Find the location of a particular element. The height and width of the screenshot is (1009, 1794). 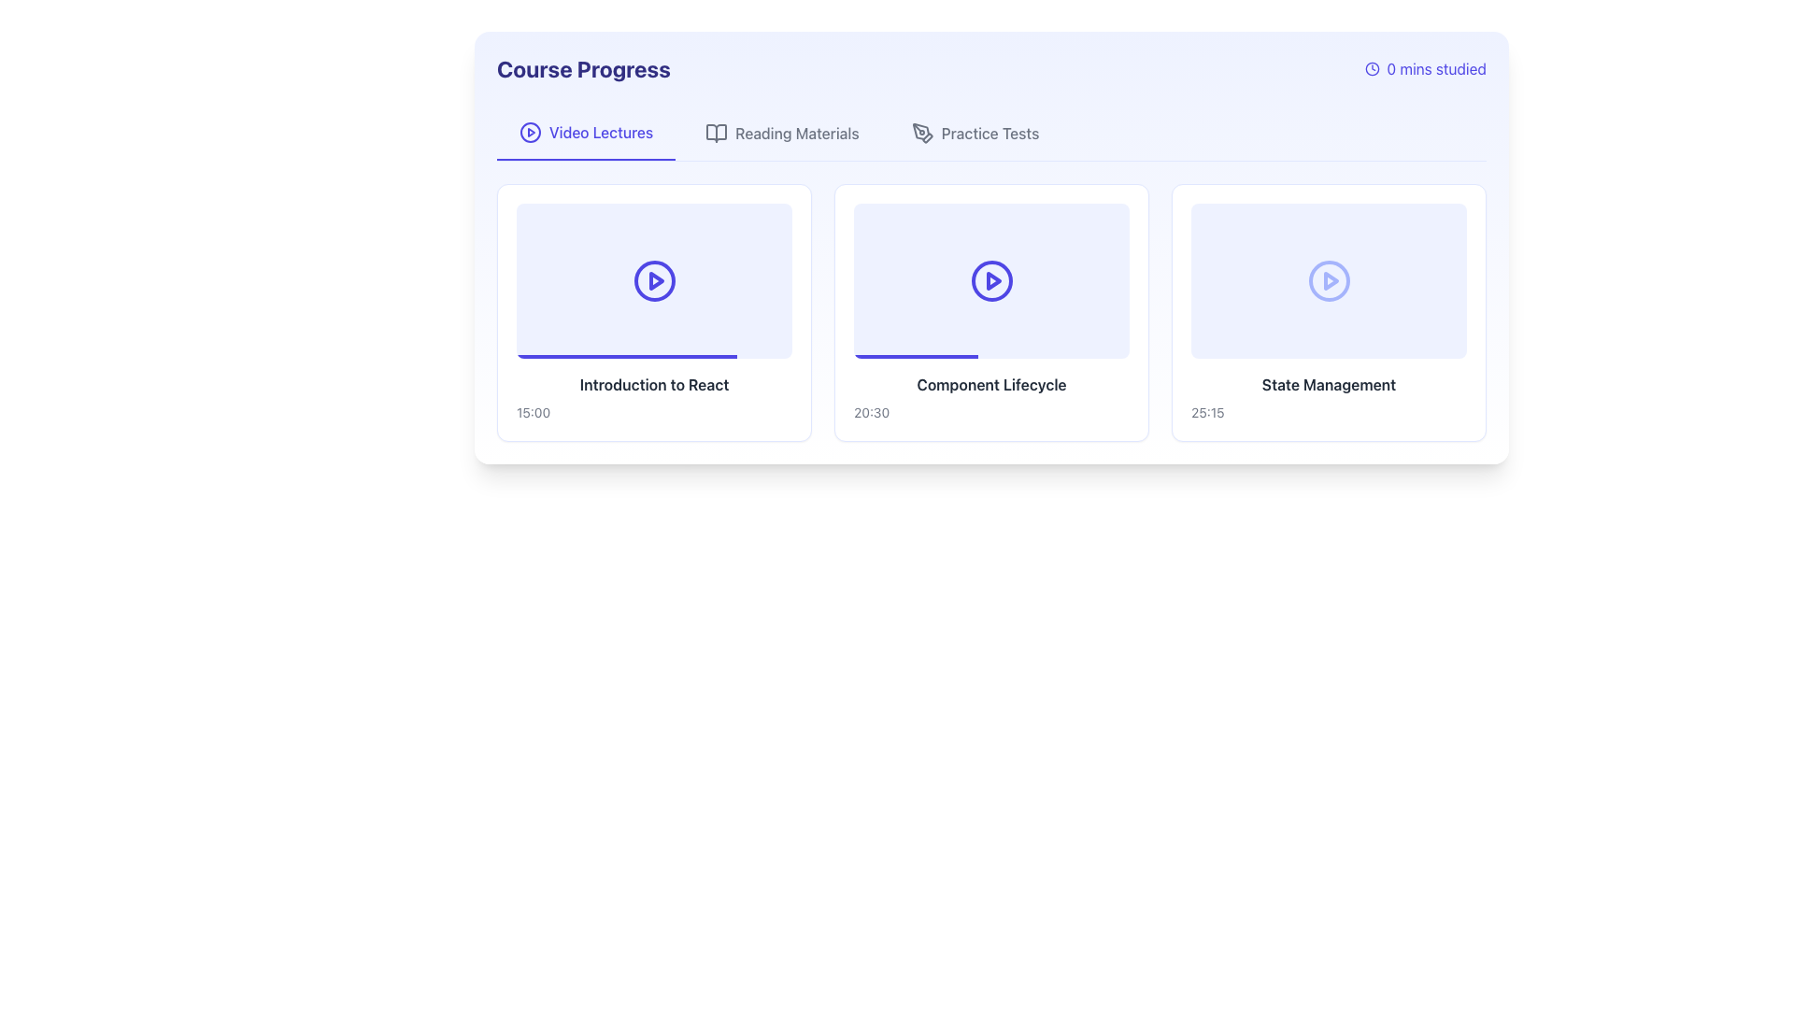

the clock icon with a circular outline, styled in a minimalist design, located to the left of the text '0 mins studied' is located at coordinates (1372, 67).